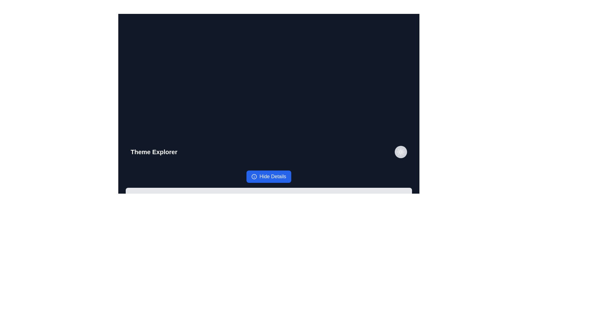 The height and width of the screenshot is (333, 593). I want to click on the innermost circle of the SVG graphic that is part of an information sign icon, located slightly above the 'Hide Details' button, so click(254, 177).